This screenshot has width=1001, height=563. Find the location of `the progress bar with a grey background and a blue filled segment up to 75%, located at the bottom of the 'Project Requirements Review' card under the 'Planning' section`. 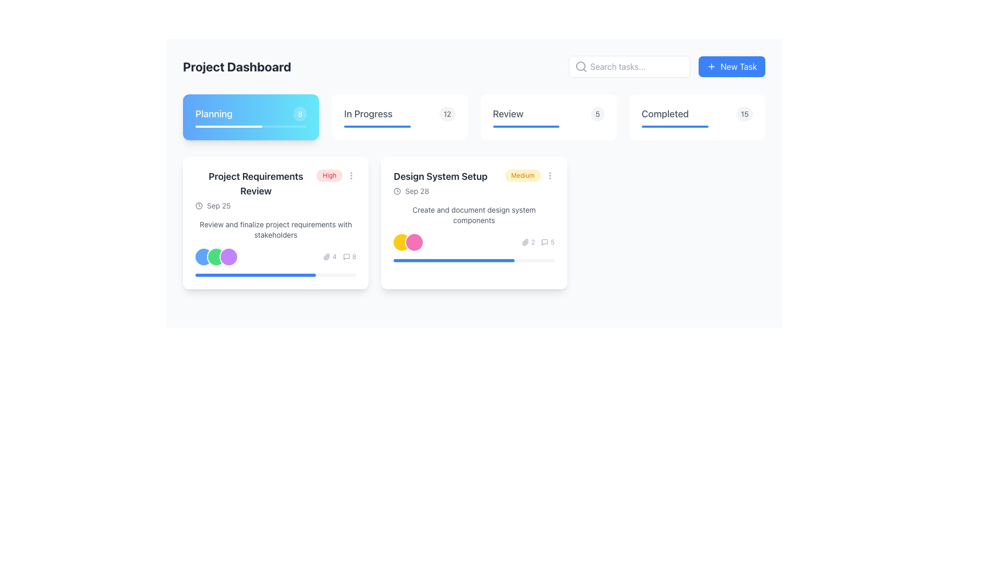

the progress bar with a grey background and a blue filled segment up to 75%, located at the bottom of the 'Project Requirements Review' card under the 'Planning' section is located at coordinates (276, 275).